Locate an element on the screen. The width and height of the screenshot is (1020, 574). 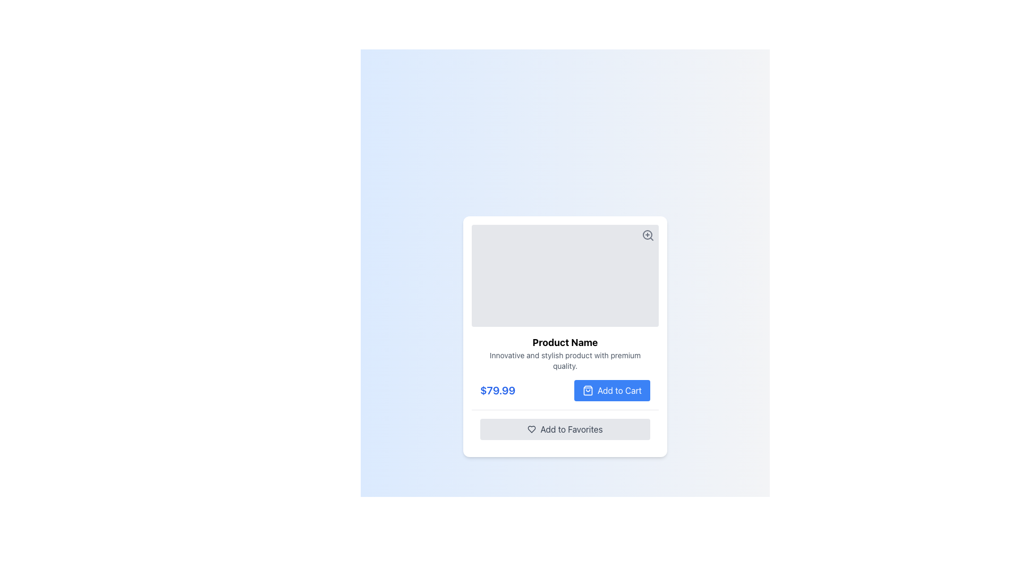
the button located at the bottom of the card layout is located at coordinates (565, 428).